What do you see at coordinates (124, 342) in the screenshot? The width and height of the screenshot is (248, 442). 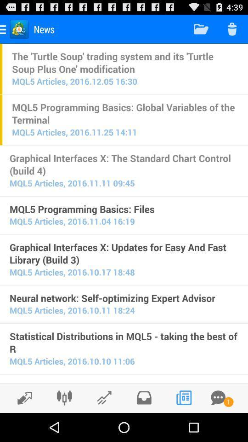 I see `icon below the mql5 articles 2016 icon` at bounding box center [124, 342].